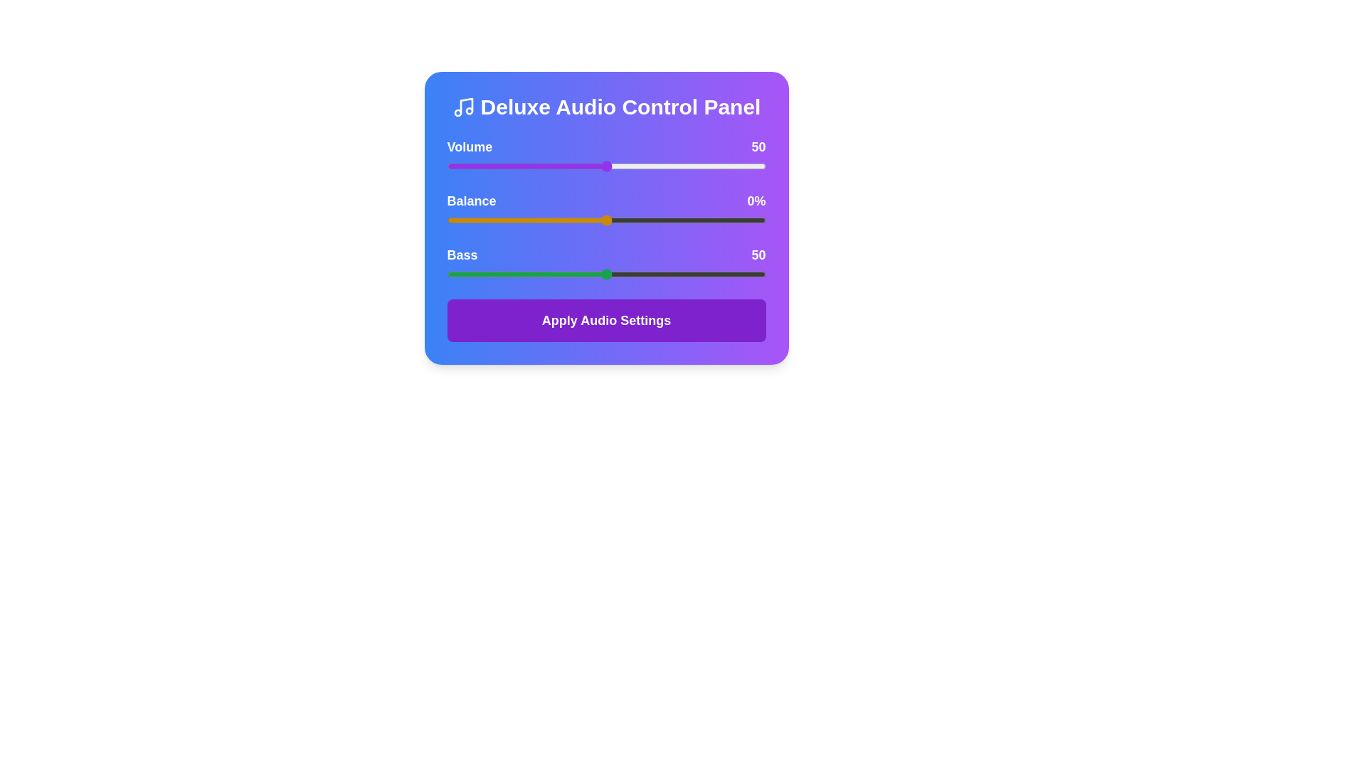 The width and height of the screenshot is (1366, 768). Describe the element at coordinates (470, 147) in the screenshot. I see `the static text label 'Volume' which is displayed in white text on a blue-purple gradient background, positioned in the top-left region of the panel` at that location.